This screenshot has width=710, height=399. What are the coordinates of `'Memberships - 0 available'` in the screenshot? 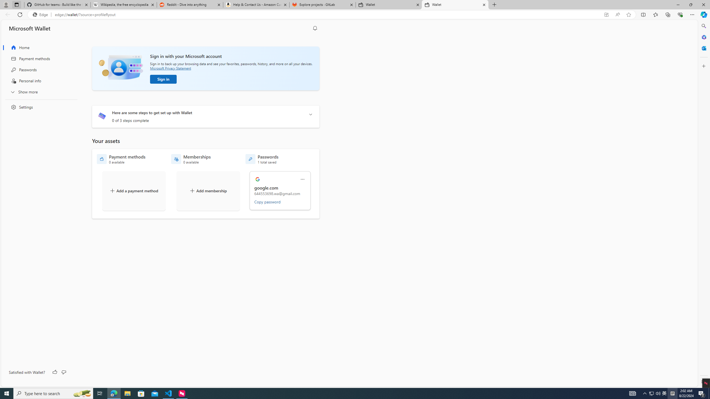 It's located at (191, 159).